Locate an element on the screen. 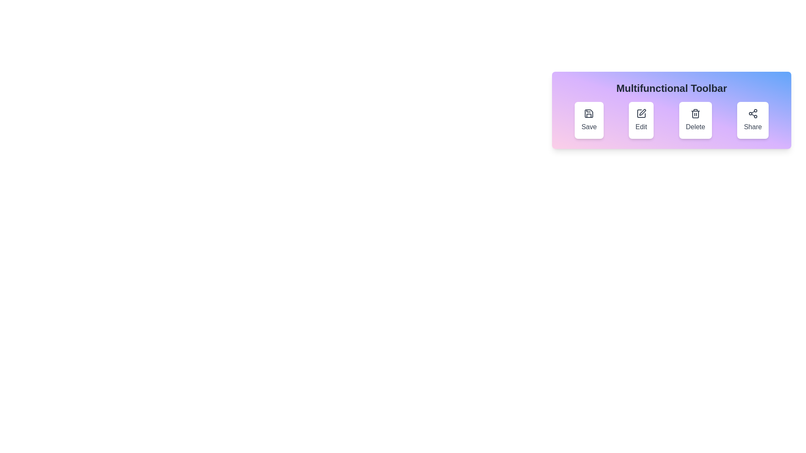 Image resolution: width=806 pixels, height=453 pixels. the 'Edit' button with a pen icon in the Multifunctional Toolbar is located at coordinates (641, 120).